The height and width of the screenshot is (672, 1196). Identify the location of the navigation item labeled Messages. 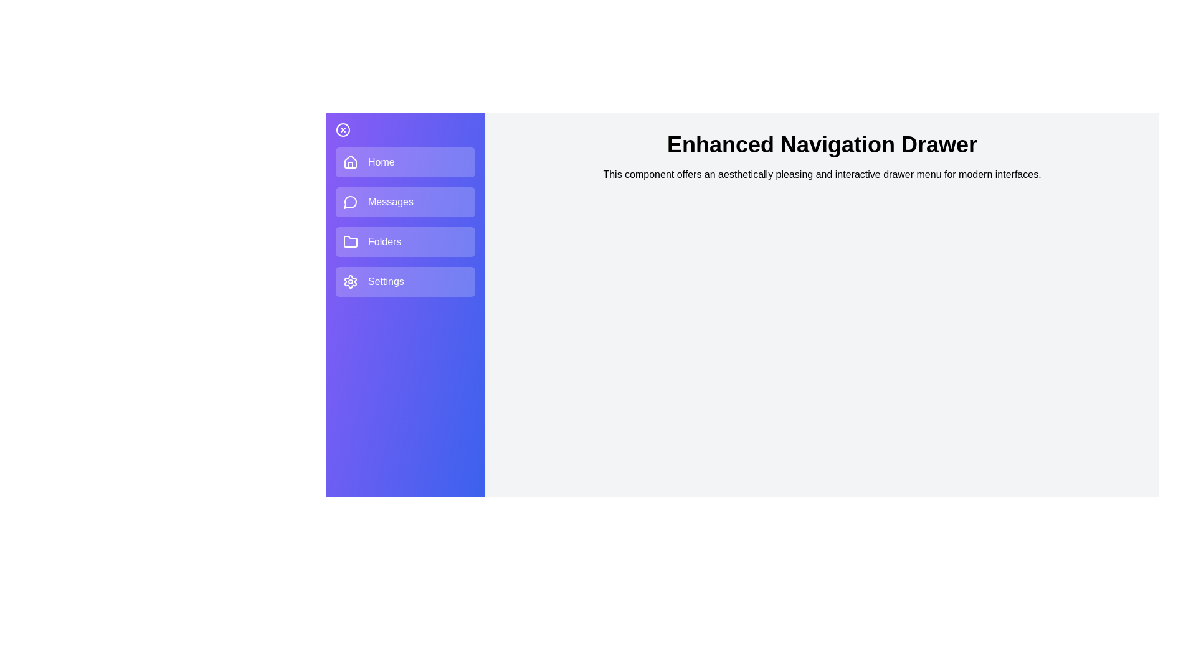
(406, 201).